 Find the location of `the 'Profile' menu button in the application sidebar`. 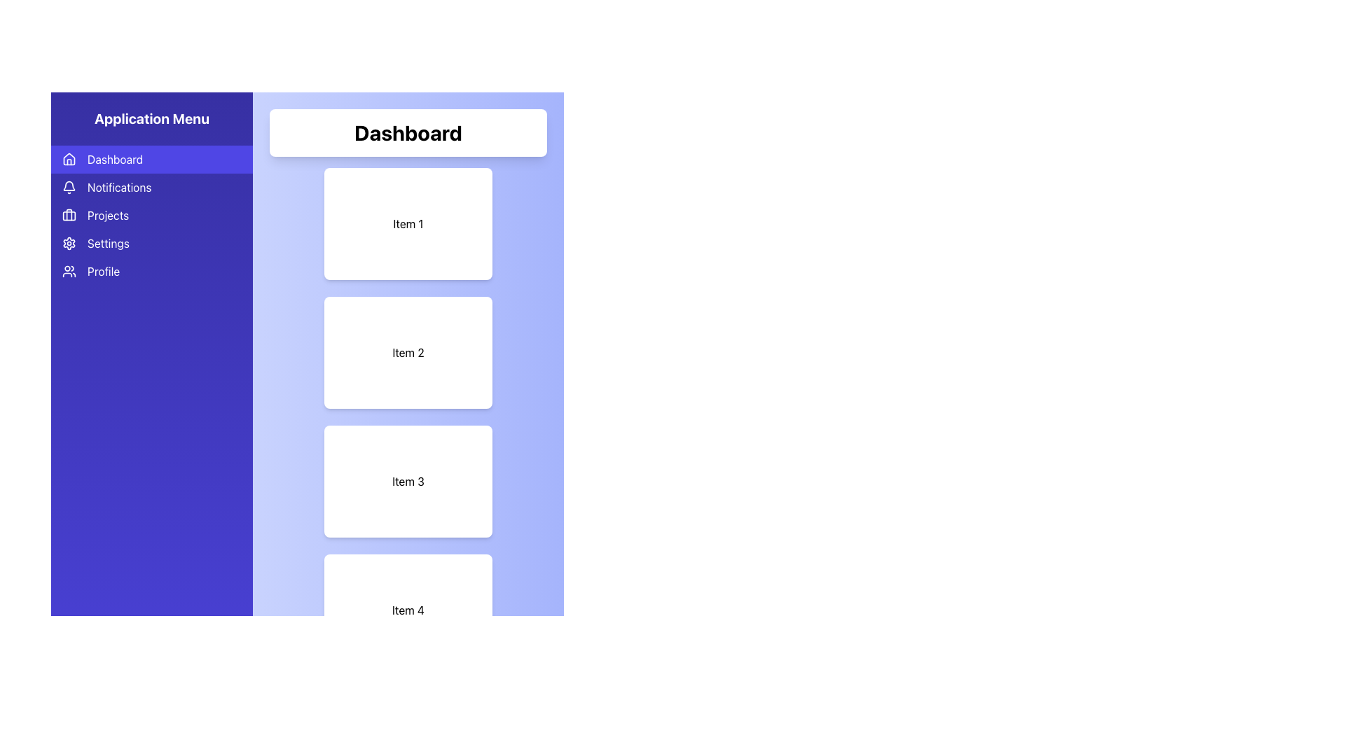

the 'Profile' menu button in the application sidebar is located at coordinates (151, 272).